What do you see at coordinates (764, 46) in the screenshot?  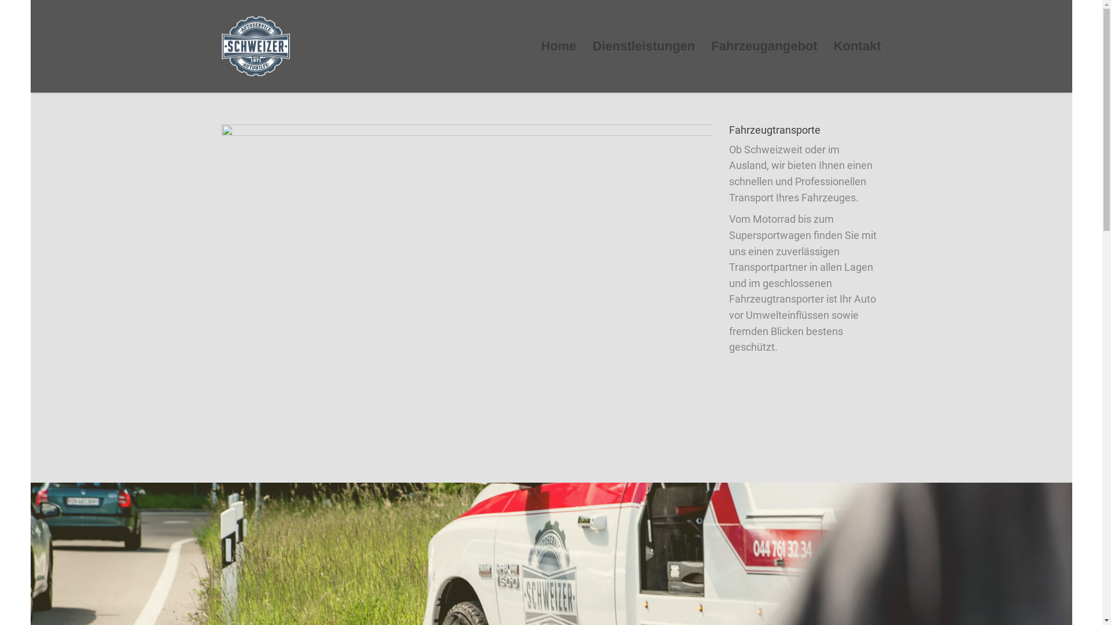 I see `'Fahrzeugangebot'` at bounding box center [764, 46].